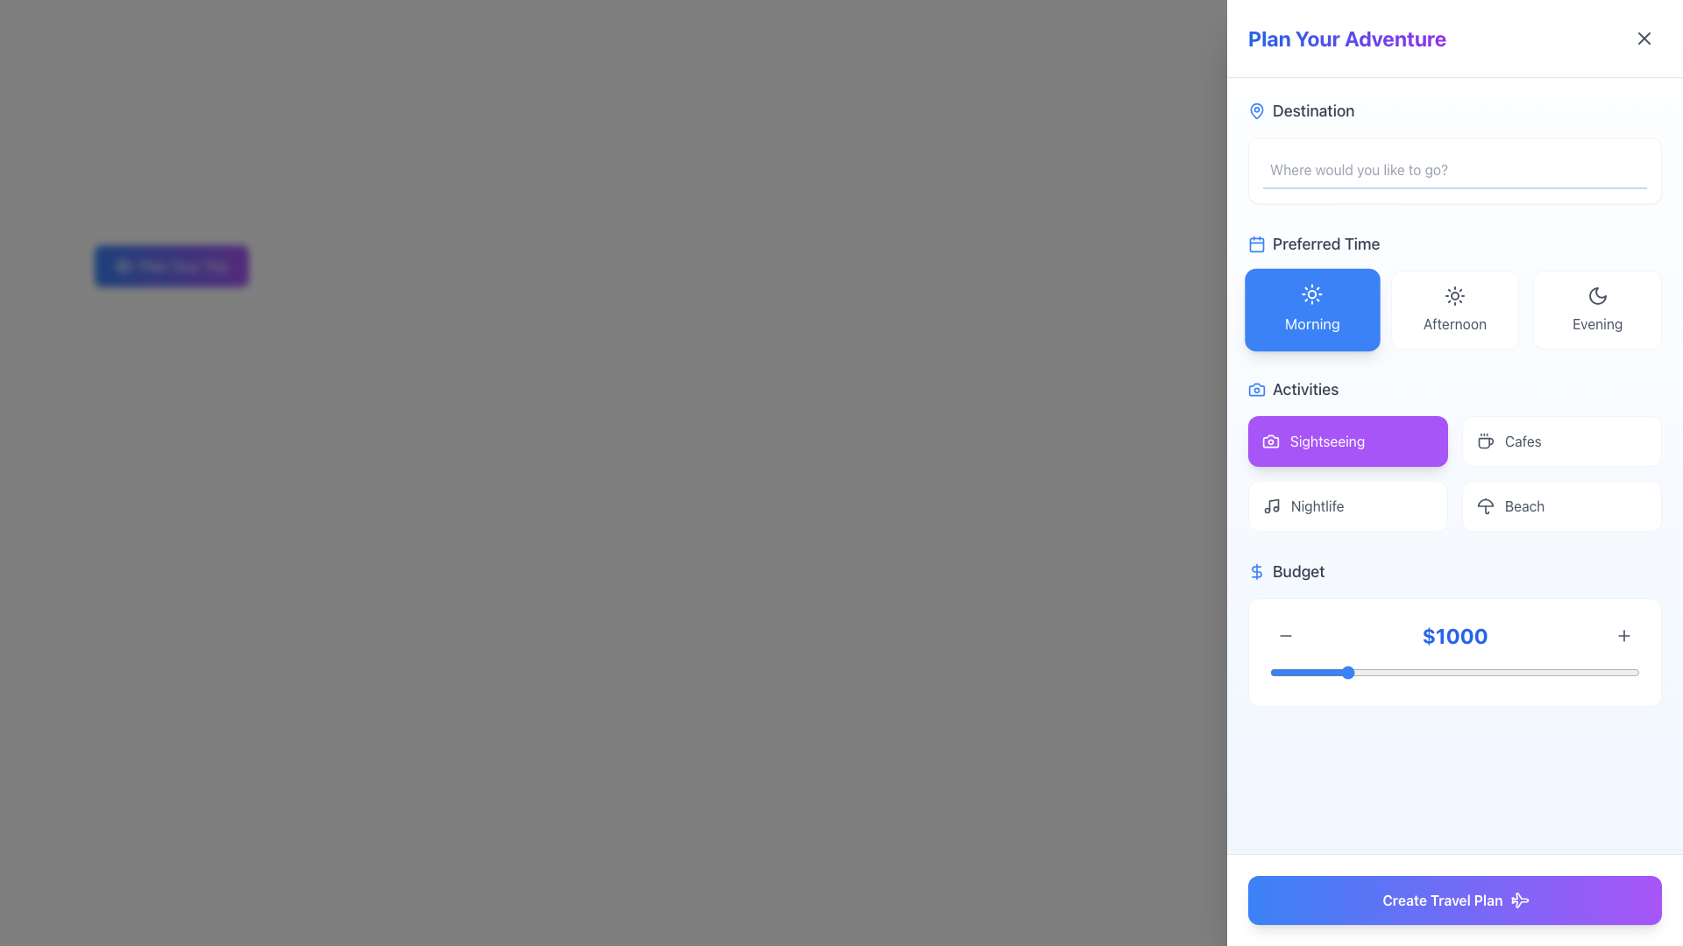 This screenshot has height=946, width=1683. I want to click on the 'Nightlife' button in the 'Activities' section, so click(1346, 506).